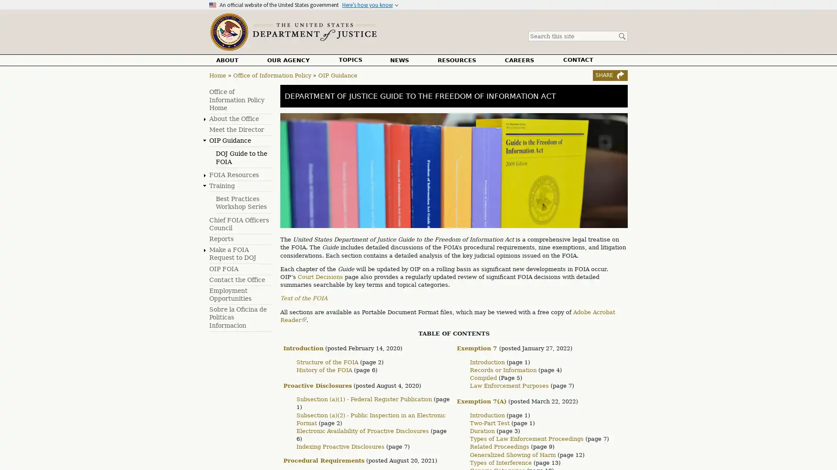 Image resolution: width=837 pixels, height=470 pixels. What do you see at coordinates (621, 36) in the screenshot?
I see `Search` at bounding box center [621, 36].